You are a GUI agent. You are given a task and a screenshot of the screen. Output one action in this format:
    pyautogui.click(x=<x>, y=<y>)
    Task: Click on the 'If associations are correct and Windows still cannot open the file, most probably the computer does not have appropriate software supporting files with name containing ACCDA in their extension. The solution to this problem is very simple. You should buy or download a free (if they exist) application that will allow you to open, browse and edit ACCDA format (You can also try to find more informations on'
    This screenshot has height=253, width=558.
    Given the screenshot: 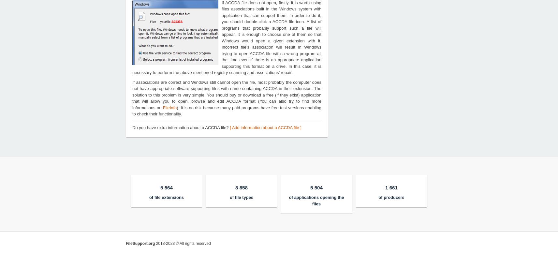 What is the action you would take?
    pyautogui.click(x=227, y=94)
    